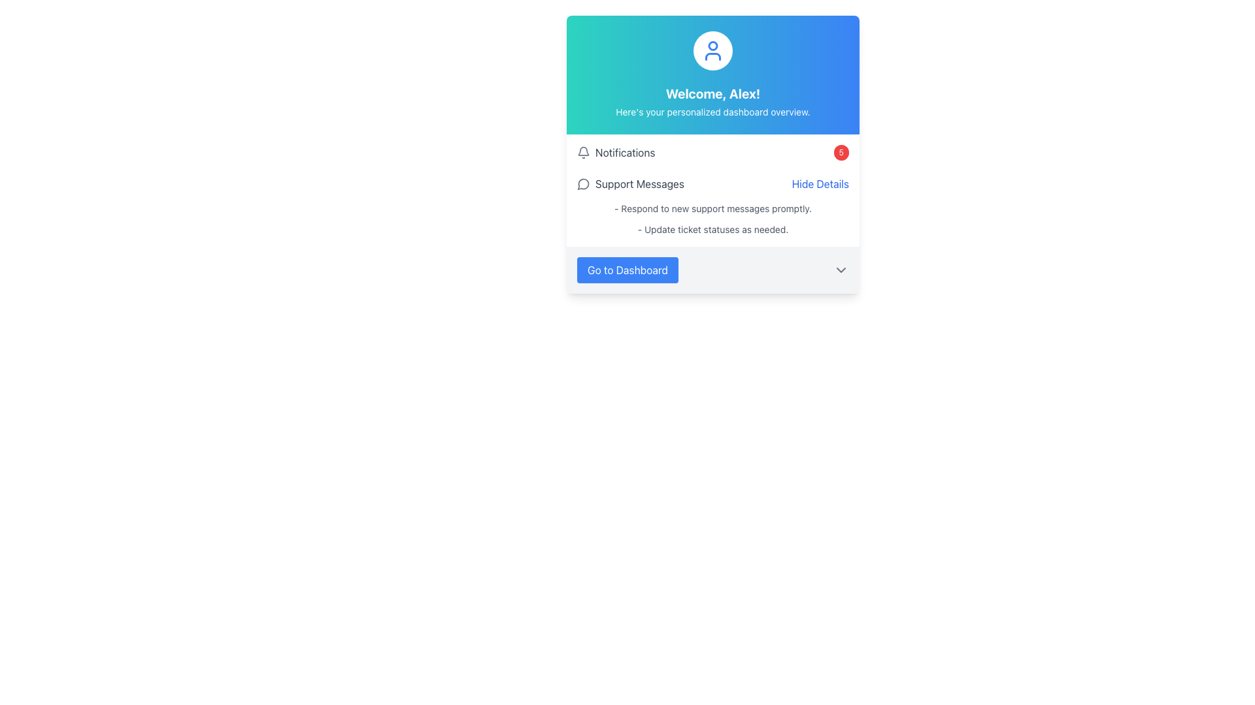  I want to click on the text line displaying '- Update ticket statuses as needed.' which is located below the text '- Respond to new support messages promptly.' in the 'Support Messages' section, so click(712, 228).